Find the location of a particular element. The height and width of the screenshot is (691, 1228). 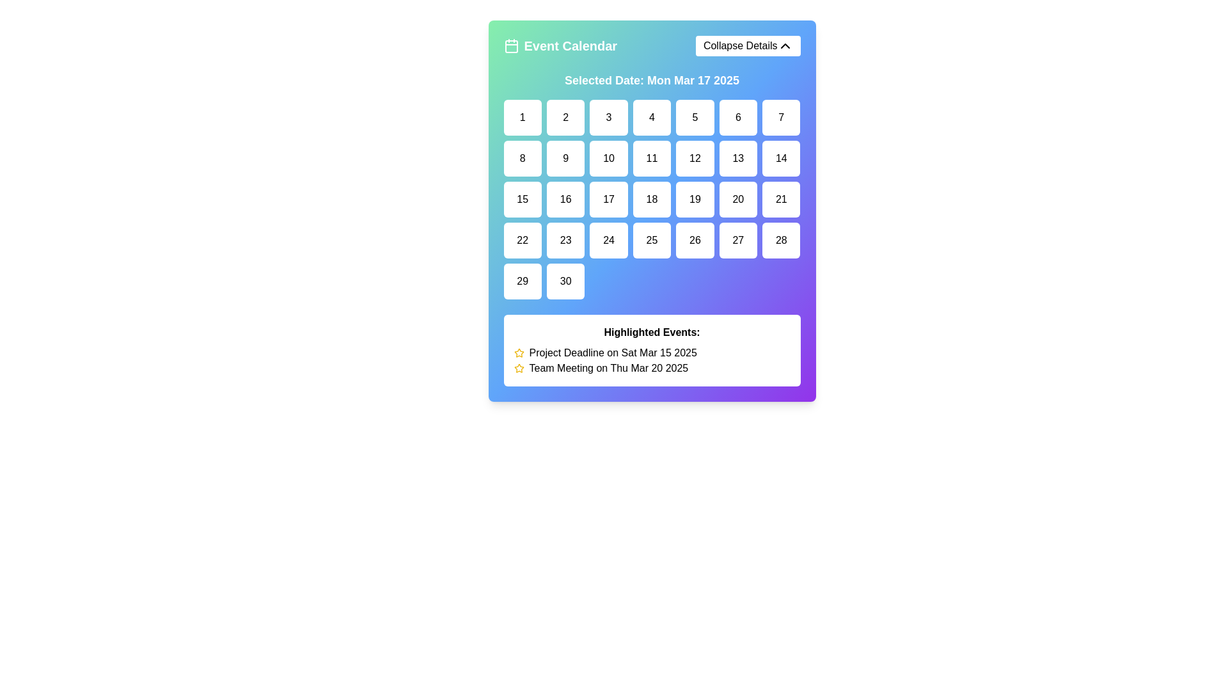

the calendar date button representing the 17th of the current month is located at coordinates (608, 200).